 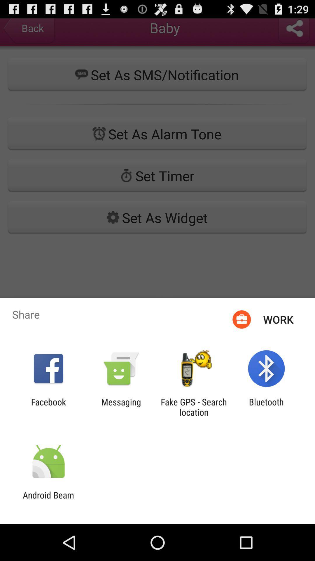 What do you see at coordinates (121, 407) in the screenshot?
I see `the item next to the fake gps search` at bounding box center [121, 407].